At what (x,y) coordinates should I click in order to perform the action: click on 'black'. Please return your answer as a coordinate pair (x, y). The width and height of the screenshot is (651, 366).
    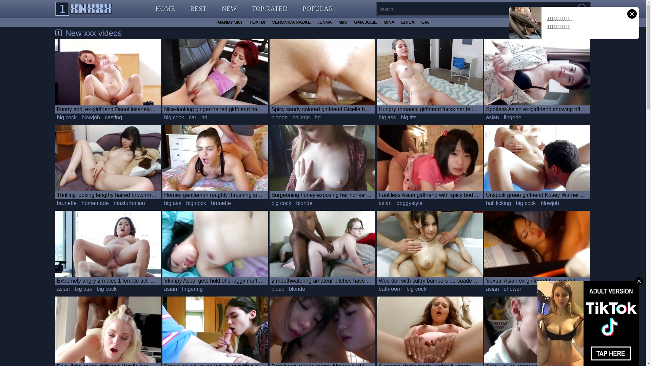
    Looking at the image, I should click on (269, 289).